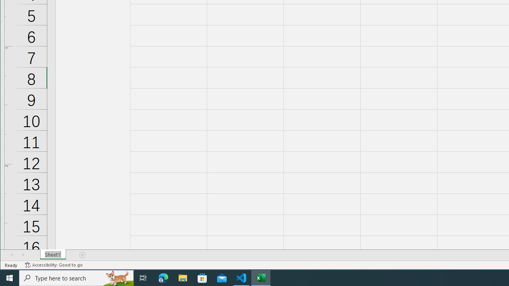  I want to click on 'Visual Studio Code - 1 running window', so click(241, 277).